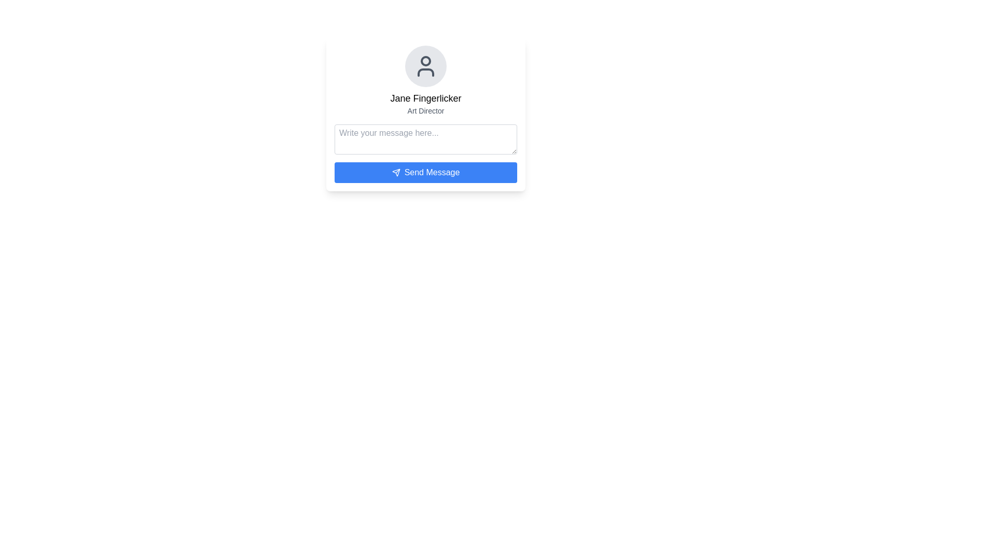 The height and width of the screenshot is (560, 996). Describe the element at coordinates (425, 61) in the screenshot. I see `the Circle SVG element that represents the head in the user profile icon, located in the upper middle section of the interface` at that location.